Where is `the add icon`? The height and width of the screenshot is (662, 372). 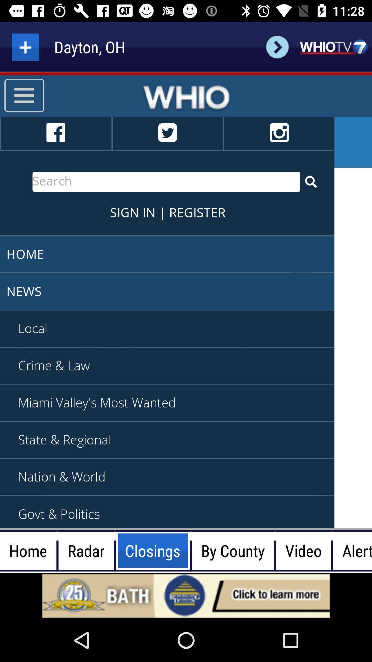 the add icon is located at coordinates (25, 47).